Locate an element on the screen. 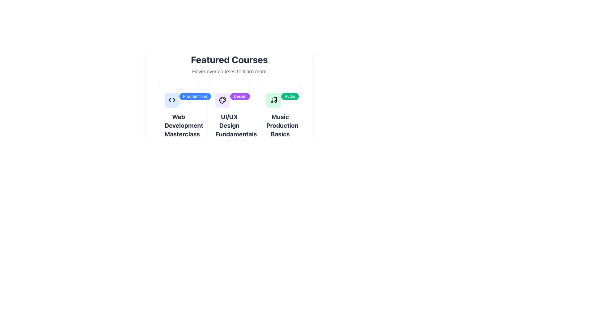 This screenshot has width=594, height=334. the course title text label that is positioned beneath the 'Programming' badge in the first column of the 'Featured Courses' section is located at coordinates (178, 125).